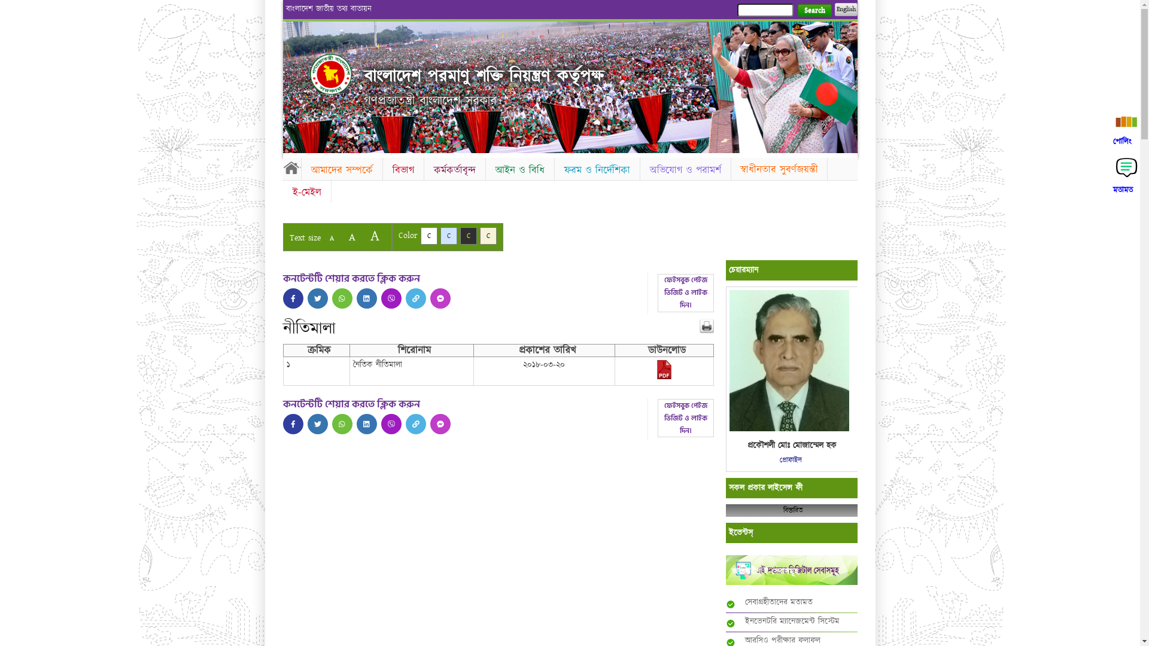  I want to click on 'C', so click(448, 236).